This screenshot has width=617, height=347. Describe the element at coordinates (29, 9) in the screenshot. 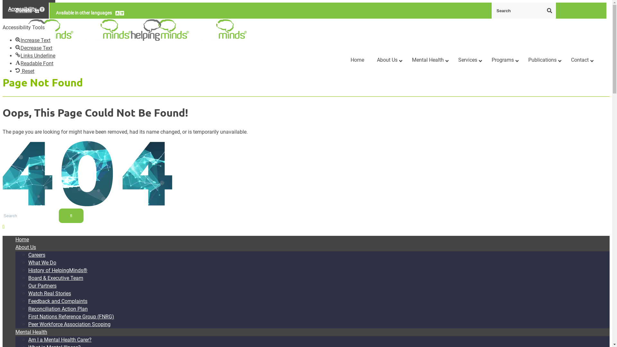

I see `'Open toolbar'` at that location.